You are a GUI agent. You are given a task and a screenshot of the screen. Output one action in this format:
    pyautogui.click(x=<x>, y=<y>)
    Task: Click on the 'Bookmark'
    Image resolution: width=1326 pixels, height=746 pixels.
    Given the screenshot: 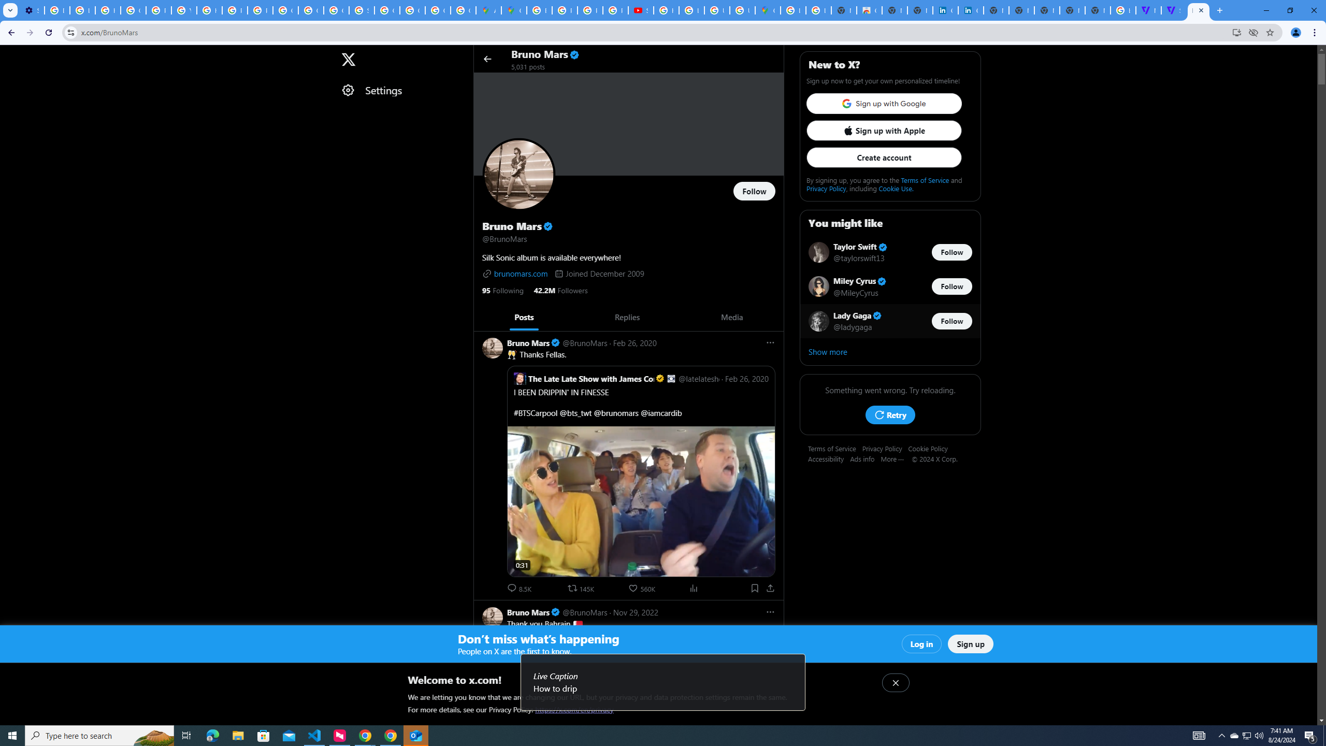 What is the action you would take?
    pyautogui.click(x=754, y=587)
    